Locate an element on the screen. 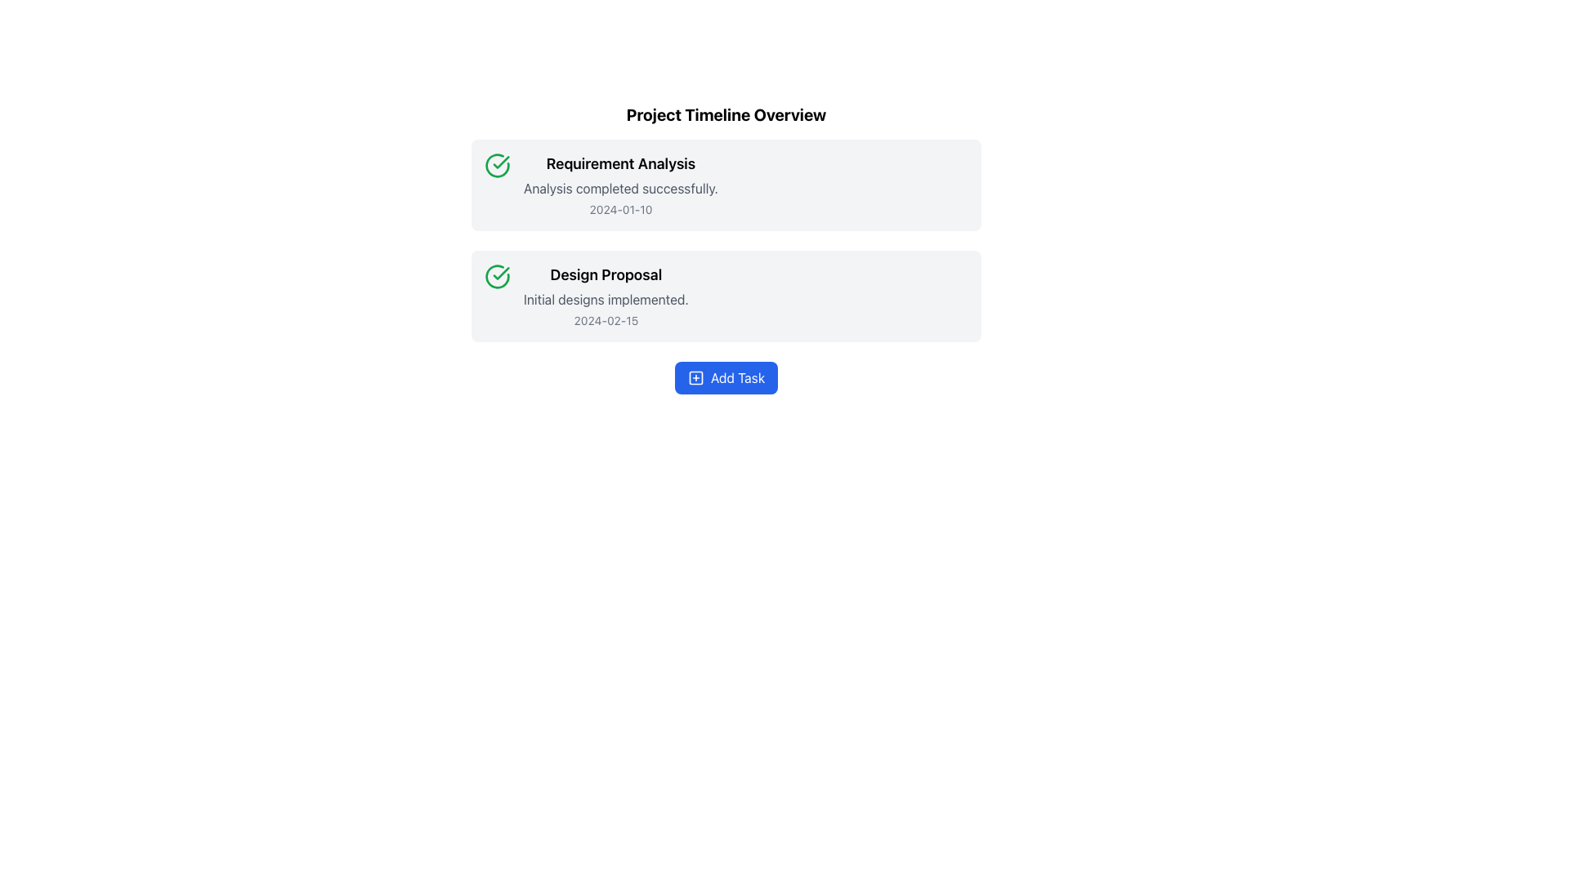 The width and height of the screenshot is (1569, 882). the text element displaying 'Design Proposal', which is located at the top of the second panel in a vertical sequence of task blocks is located at coordinates (605, 274).